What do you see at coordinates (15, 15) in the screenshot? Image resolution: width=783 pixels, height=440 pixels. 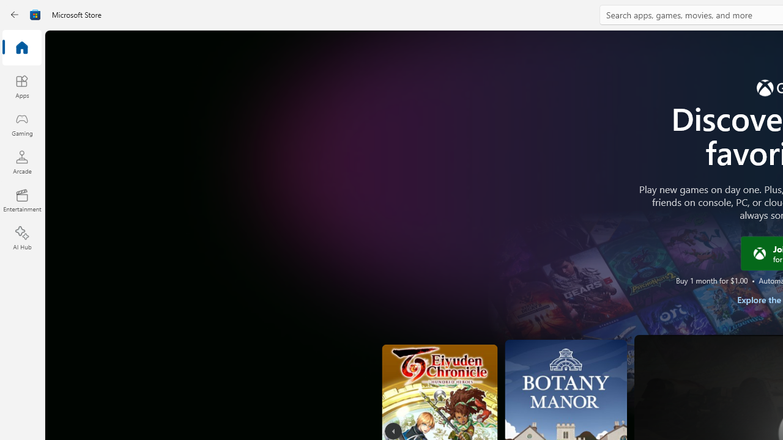 I see `'Back'` at bounding box center [15, 15].